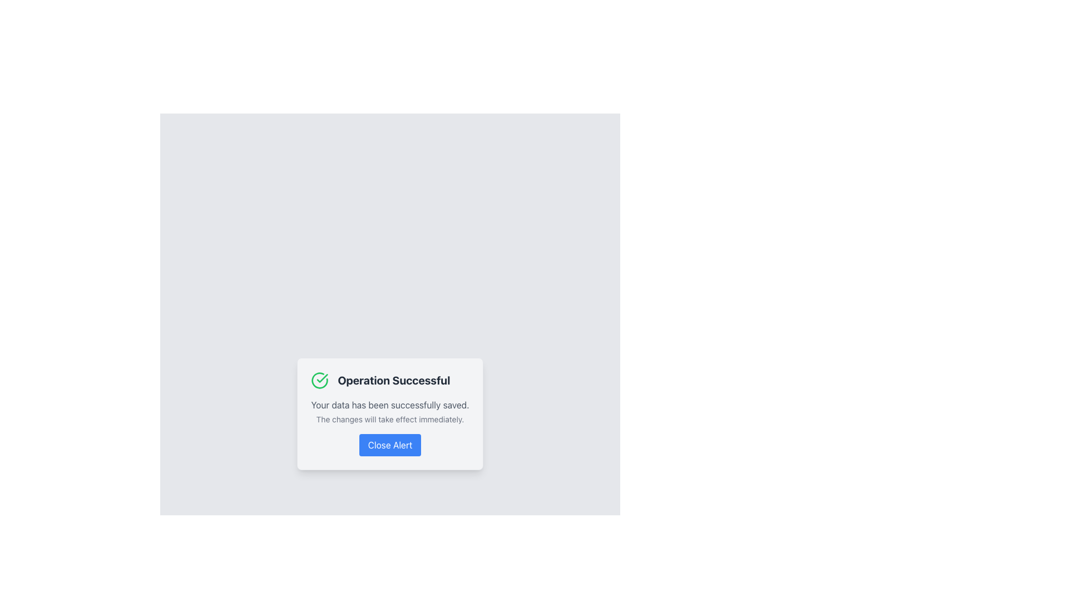  I want to click on the success status icon located in the alert dialog box, positioned to the left of the 'Operation Successful' text headline, so click(319, 380).